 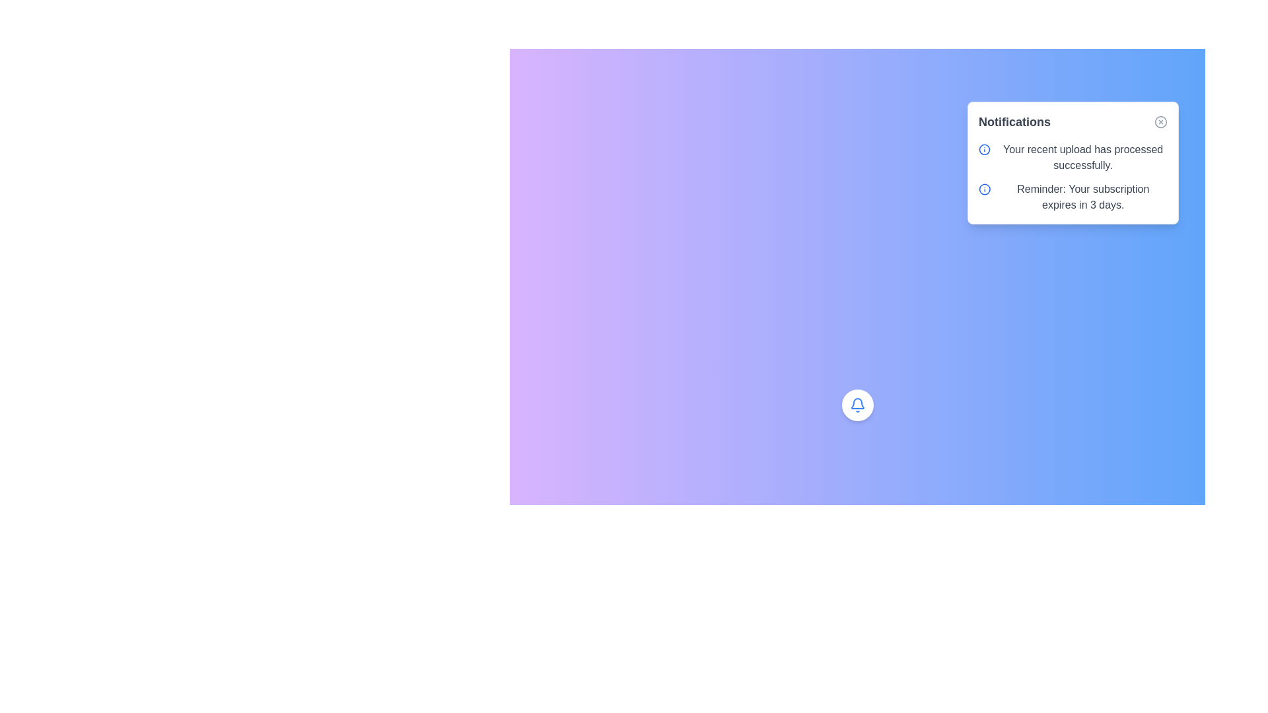 I want to click on the bell icon representing notifications within the circular button, so click(x=857, y=404).